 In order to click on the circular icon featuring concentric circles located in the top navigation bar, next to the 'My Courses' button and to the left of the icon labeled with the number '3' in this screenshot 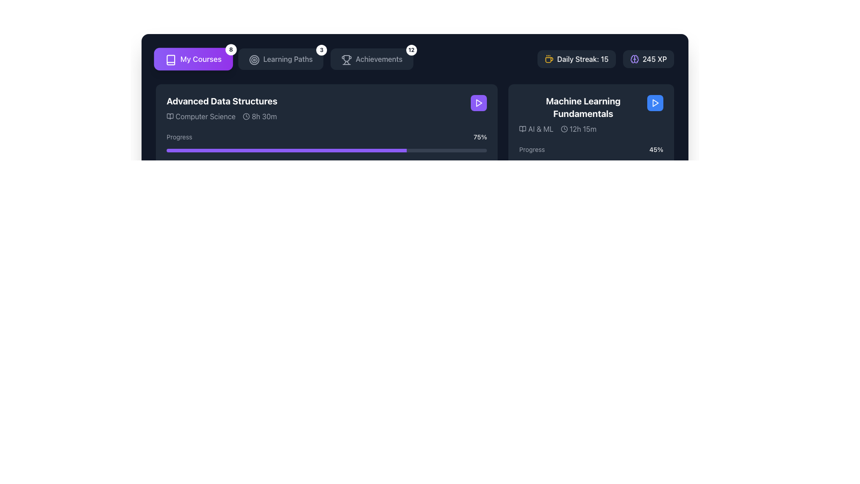, I will do `click(254, 60)`.